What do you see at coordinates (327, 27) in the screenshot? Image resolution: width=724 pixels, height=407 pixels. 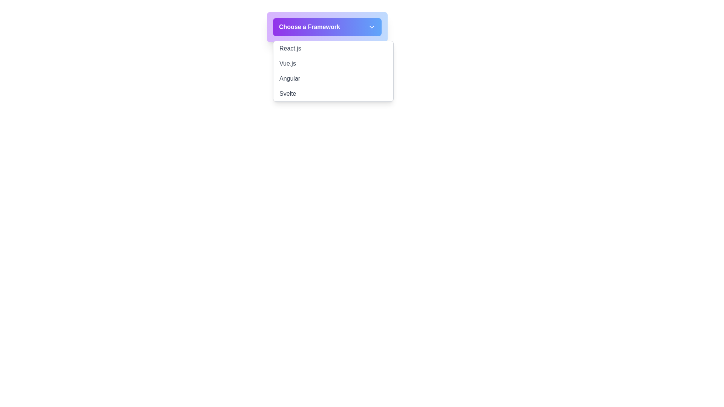 I see `the 'Choose a Framework' dropdown button, which is a rectangular button with a gradient background and a chevron icon` at bounding box center [327, 27].